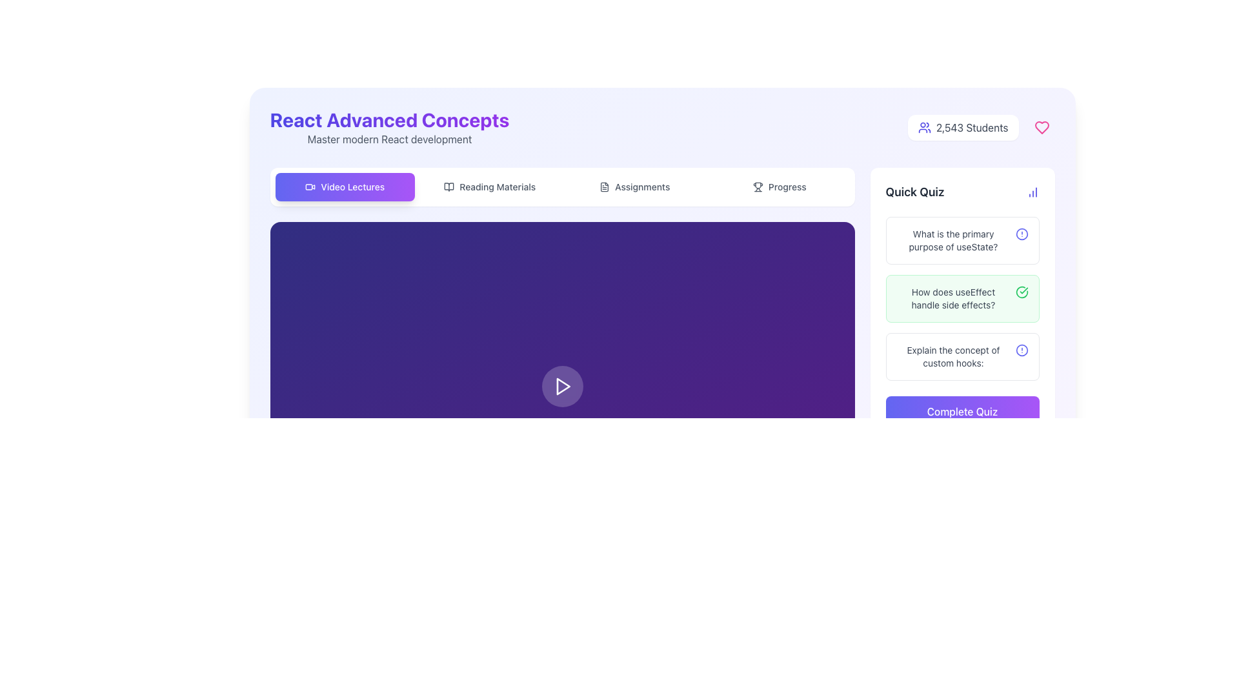 The height and width of the screenshot is (697, 1239). I want to click on the text label 'How does useEffect handle side effects?' which is the second item in the 'Quick Quiz' section of the interactive list, so click(953, 298).